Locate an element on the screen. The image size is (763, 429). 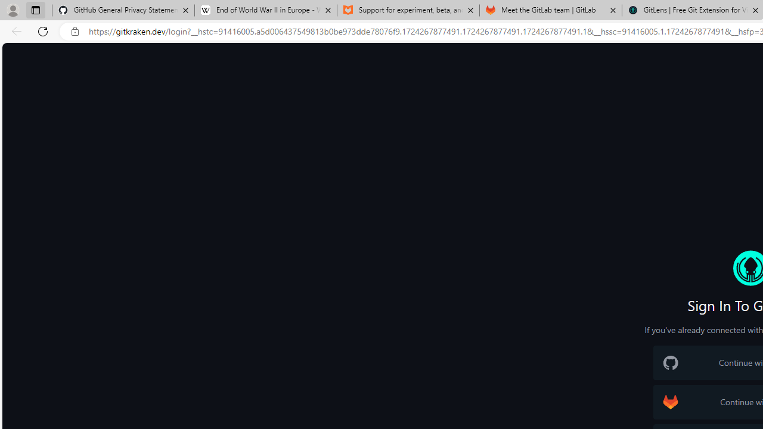
'Meet the GitLab team | GitLab' is located at coordinates (550, 10).